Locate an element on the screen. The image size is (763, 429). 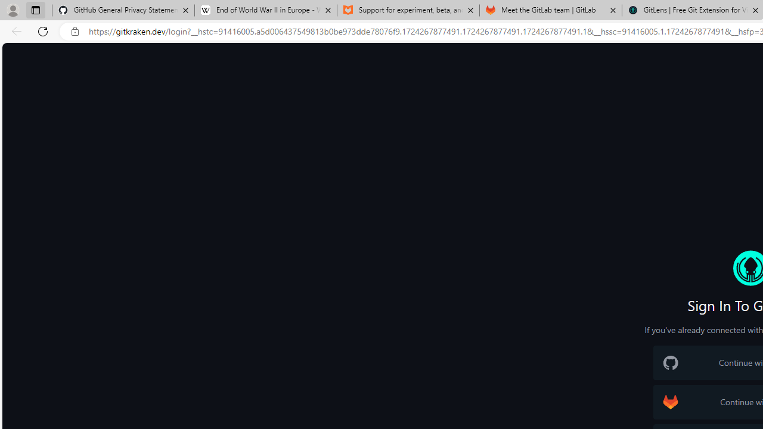
'Meet the GitLab team | GitLab' is located at coordinates (550, 10).